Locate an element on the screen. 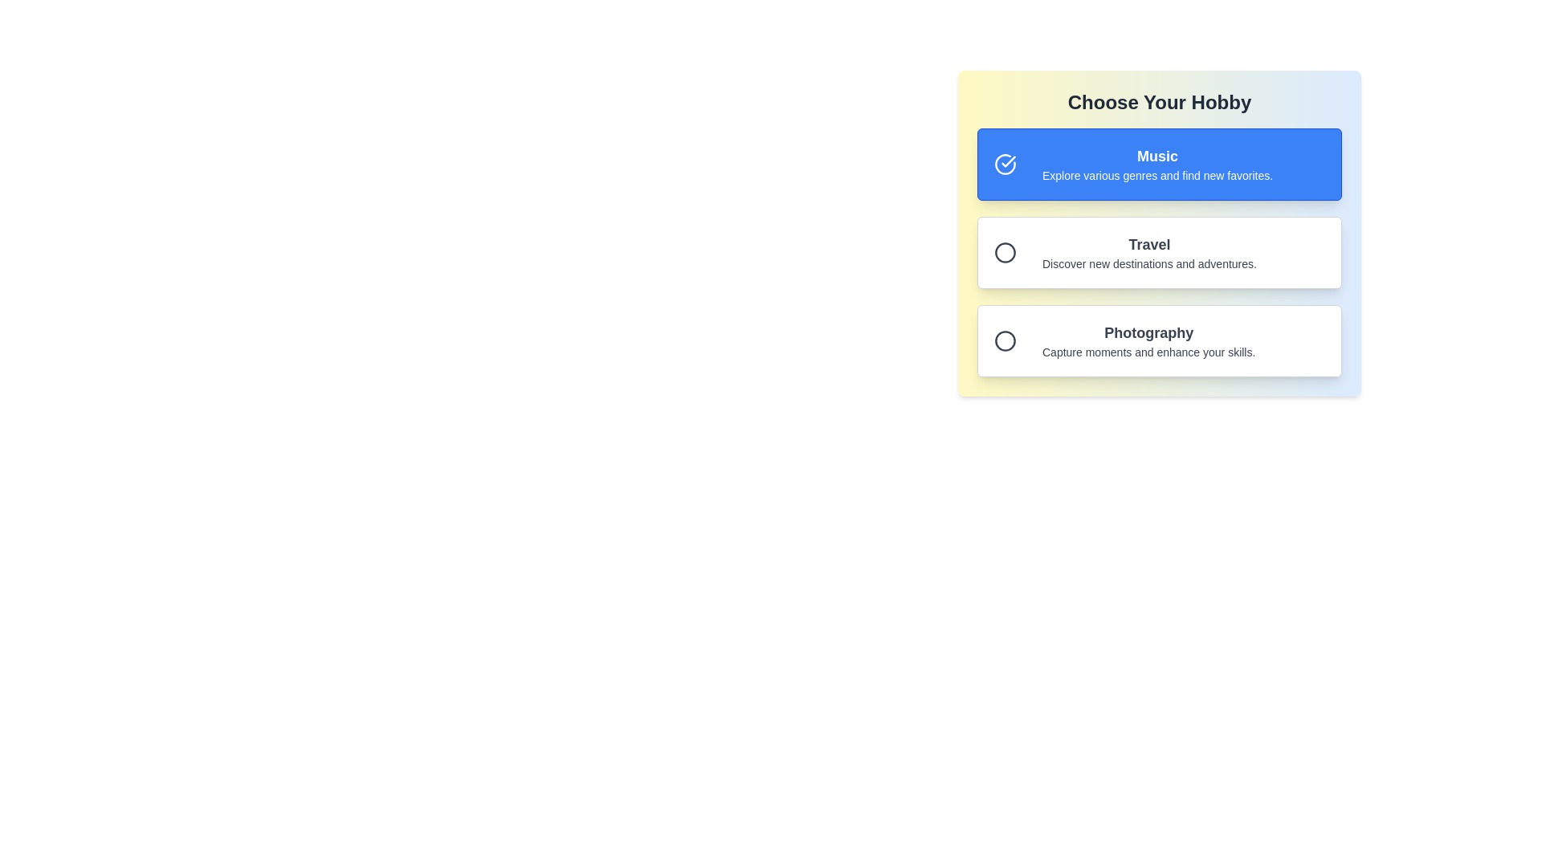  the text element that reads 'Capture moments and enhance your skills.' located directly beneath the 'Photography' header is located at coordinates (1148, 352).